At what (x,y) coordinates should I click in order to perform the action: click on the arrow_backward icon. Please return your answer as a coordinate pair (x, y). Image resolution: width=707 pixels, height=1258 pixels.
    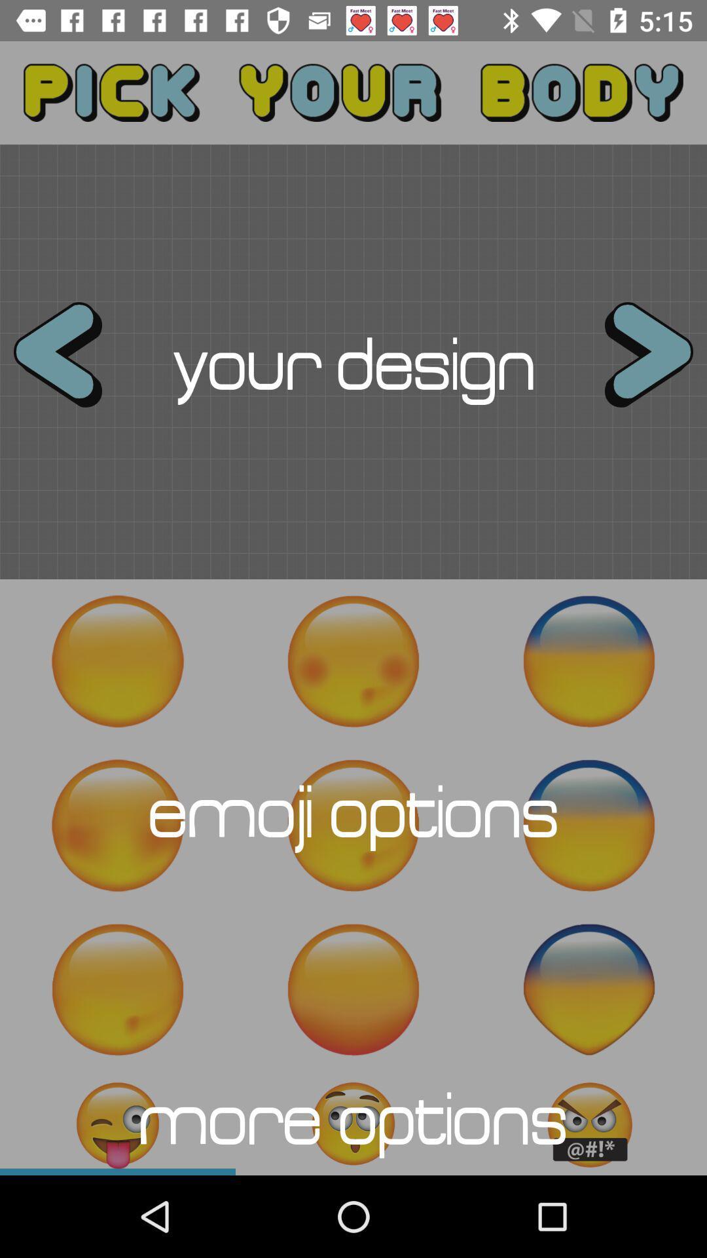
    Looking at the image, I should click on (69, 362).